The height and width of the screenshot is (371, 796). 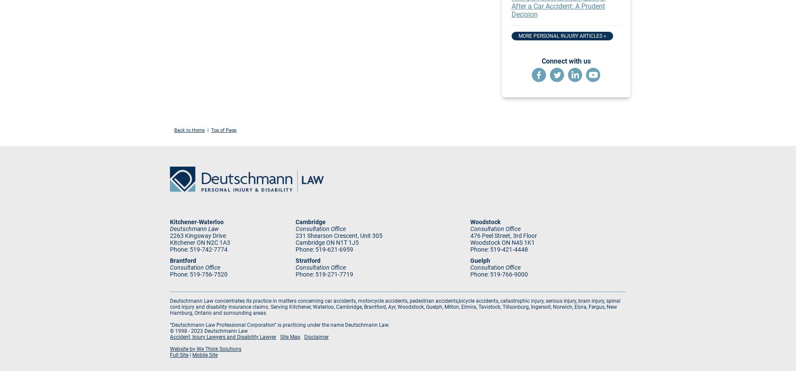 I want to click on 'Connect with us', so click(x=565, y=60).